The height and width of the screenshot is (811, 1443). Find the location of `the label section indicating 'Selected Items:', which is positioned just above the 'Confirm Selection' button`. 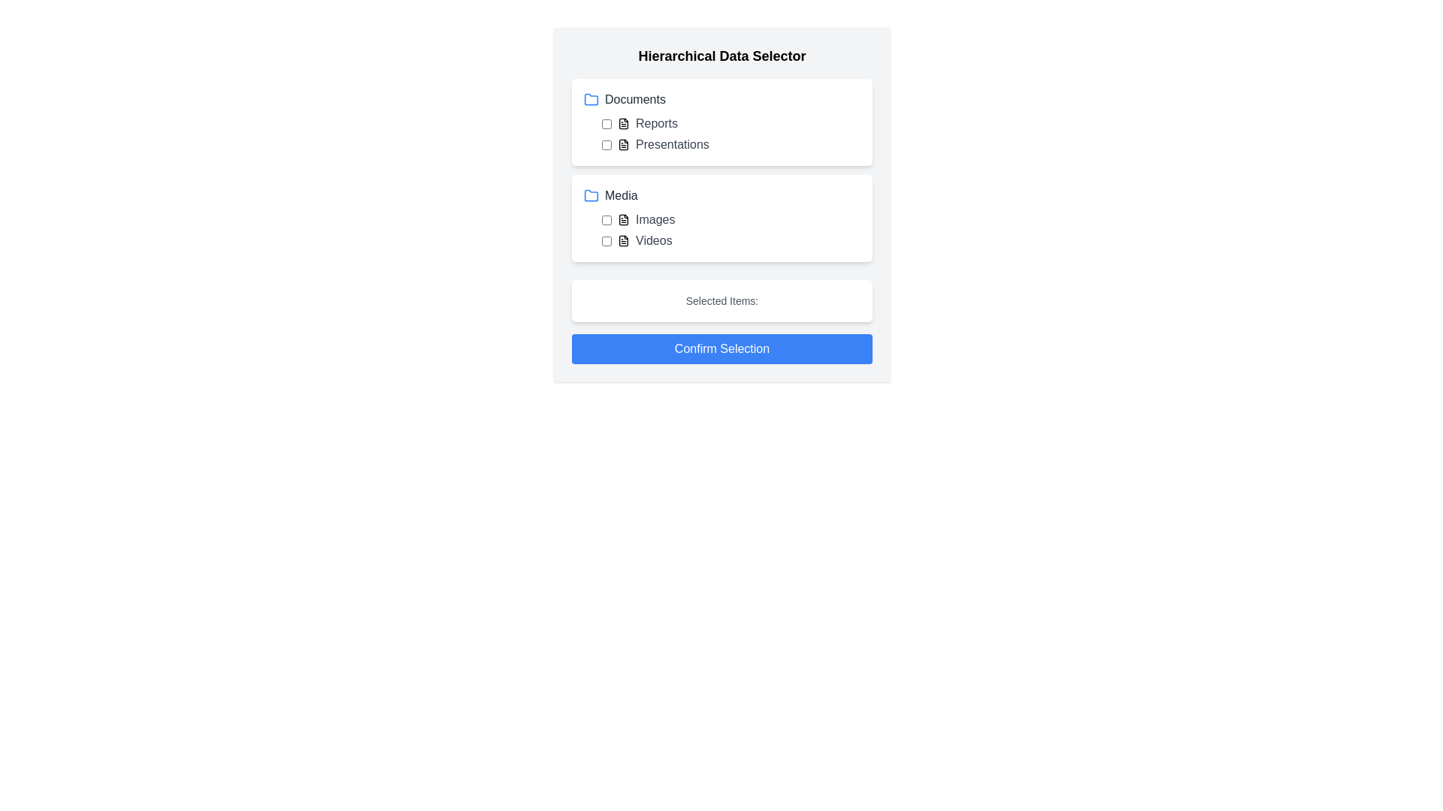

the label section indicating 'Selected Items:', which is positioned just above the 'Confirm Selection' button is located at coordinates (721, 301).